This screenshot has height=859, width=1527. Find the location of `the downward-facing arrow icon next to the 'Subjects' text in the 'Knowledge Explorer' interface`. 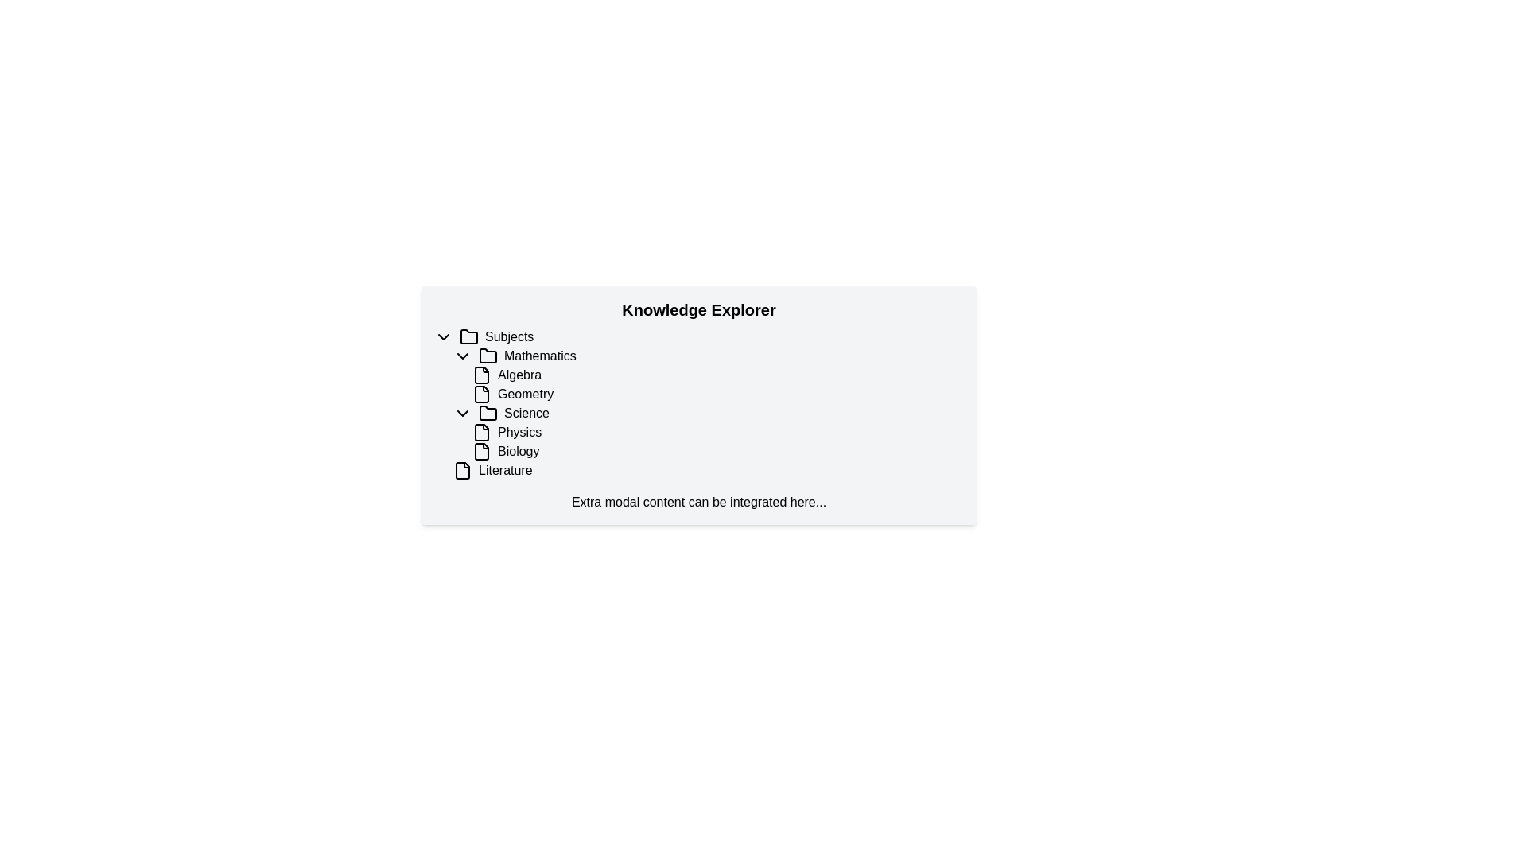

the downward-facing arrow icon next to the 'Subjects' text in the 'Knowledge Explorer' interface is located at coordinates (443, 336).